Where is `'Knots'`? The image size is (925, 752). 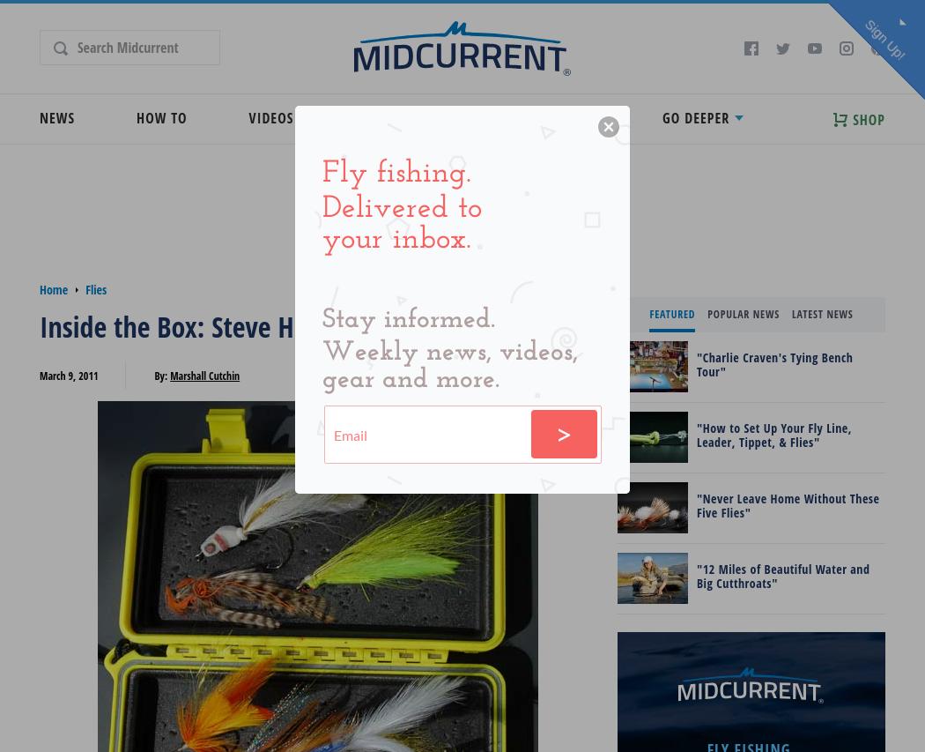 'Knots' is located at coordinates (512, 170).